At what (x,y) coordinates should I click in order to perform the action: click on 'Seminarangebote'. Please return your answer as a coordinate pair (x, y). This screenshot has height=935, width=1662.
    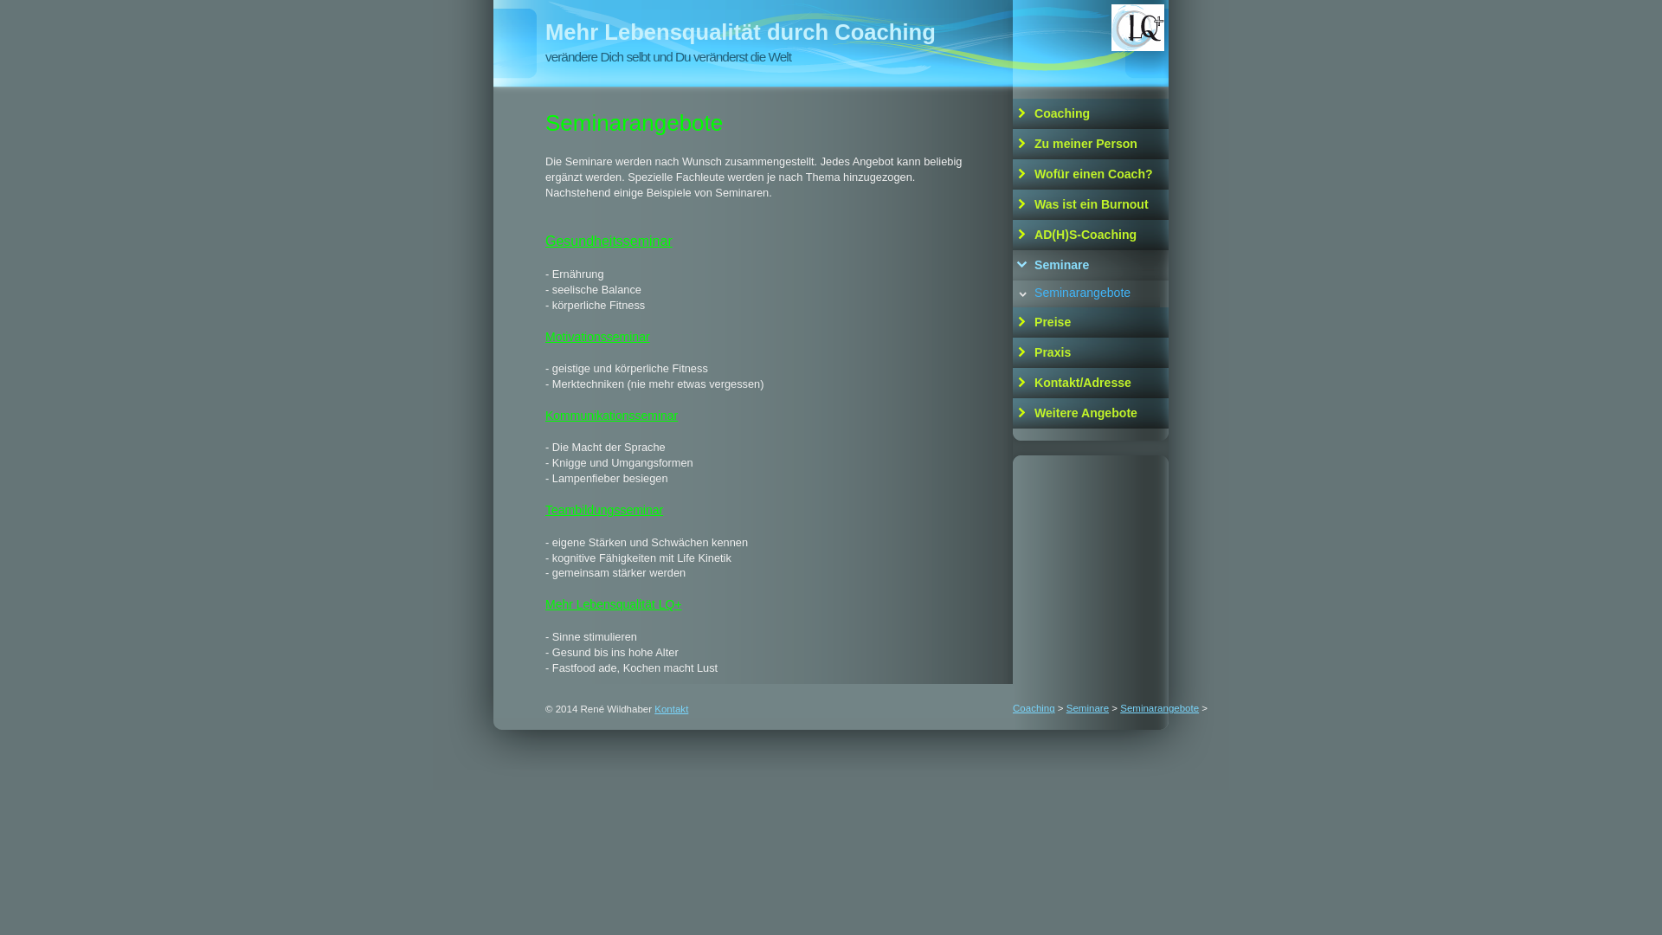
    Looking at the image, I should click on (1089, 293).